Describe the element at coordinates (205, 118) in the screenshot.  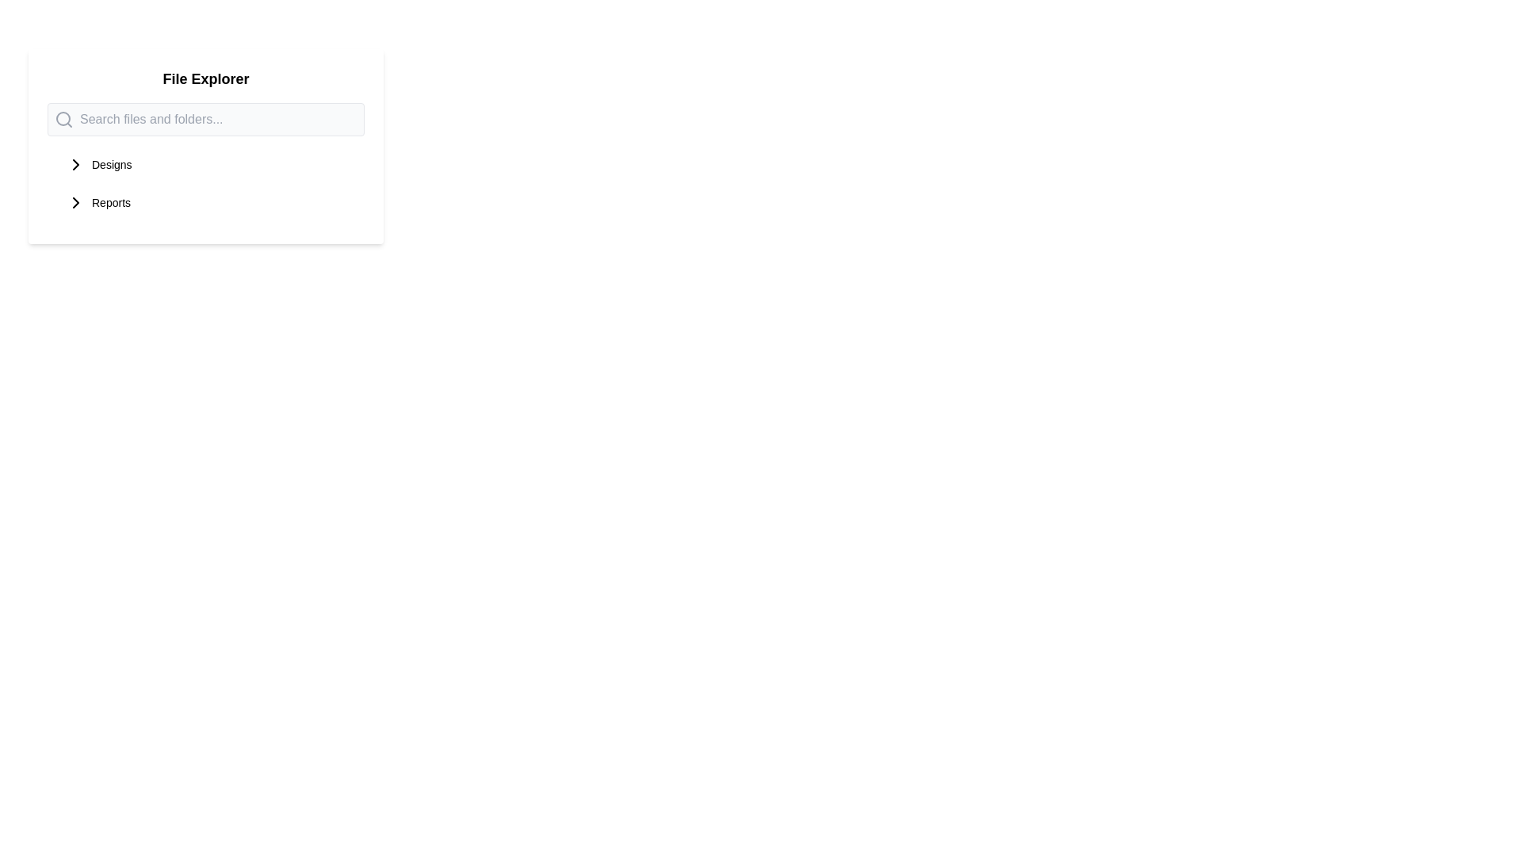
I see `the search input field located underneath the 'File Explorer' header` at that location.